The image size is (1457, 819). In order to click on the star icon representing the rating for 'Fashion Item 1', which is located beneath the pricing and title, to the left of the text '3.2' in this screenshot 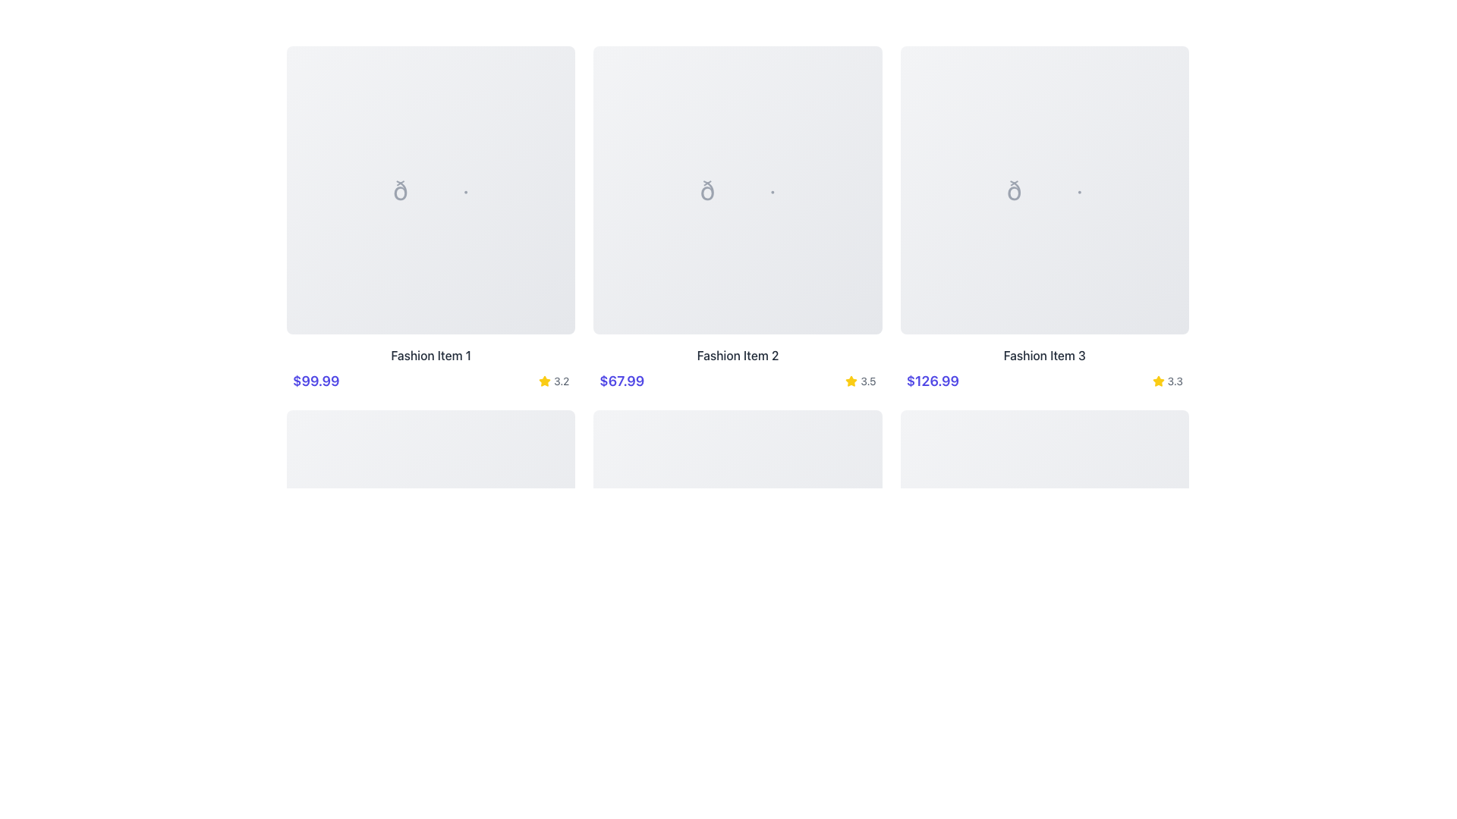, I will do `click(545, 381)`.